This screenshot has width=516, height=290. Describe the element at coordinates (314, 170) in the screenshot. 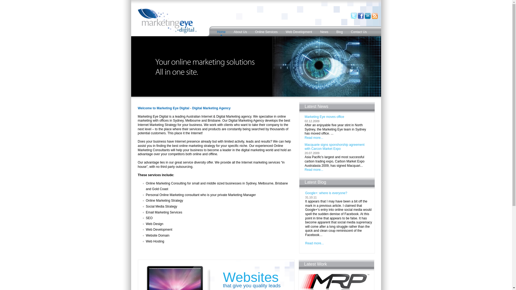

I see `'Read more...'` at that location.